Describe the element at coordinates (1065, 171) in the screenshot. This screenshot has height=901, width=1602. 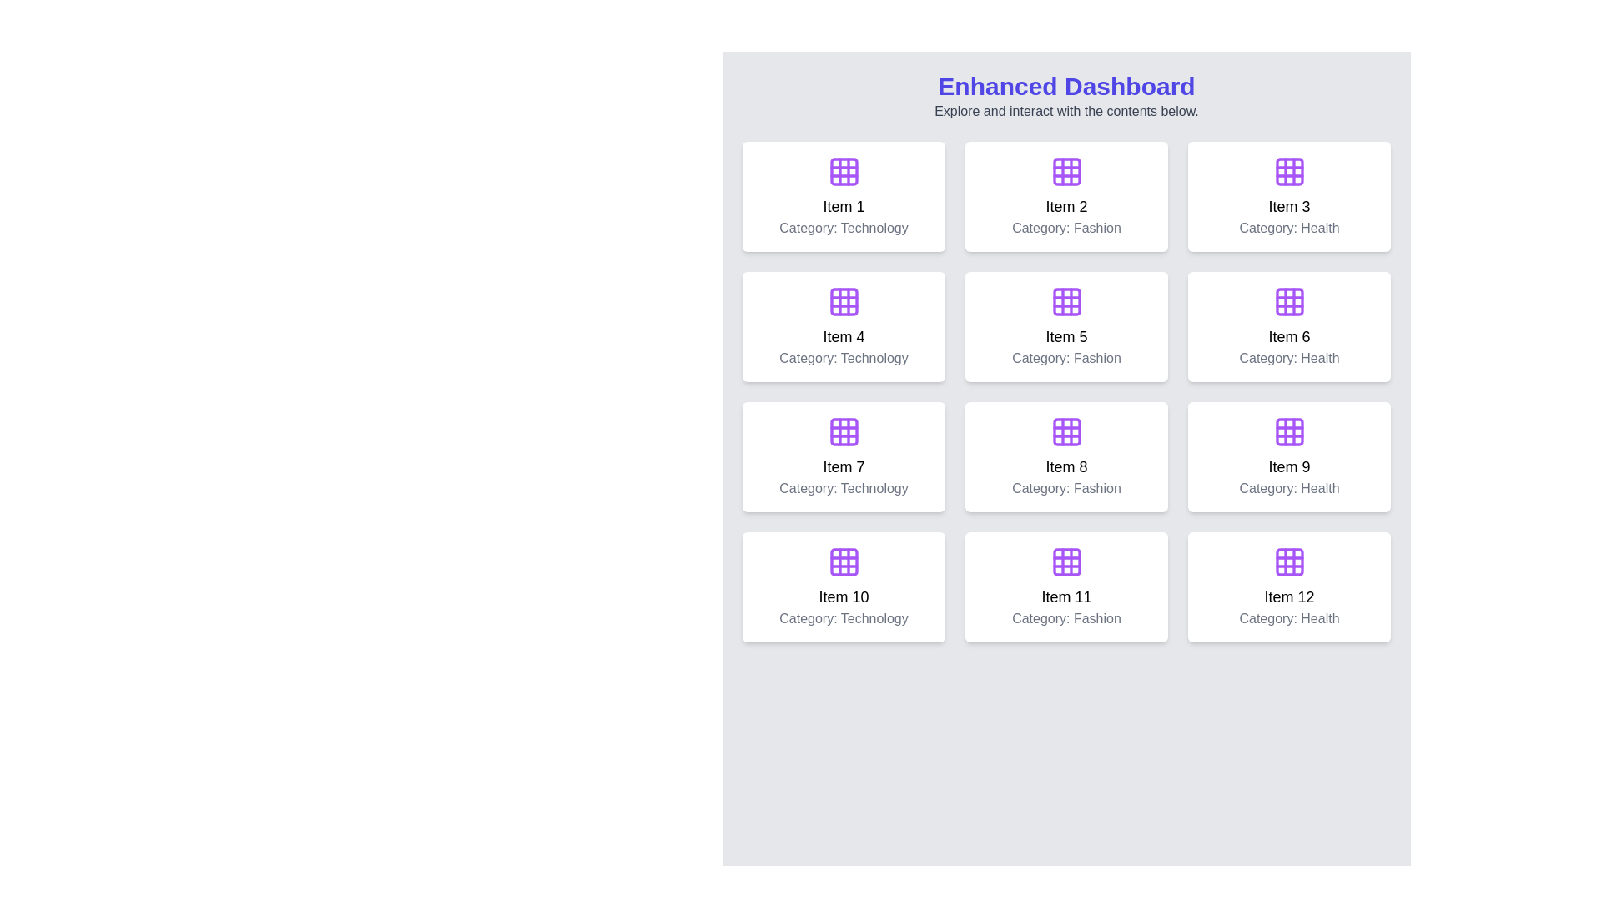
I see `the icon located at the top center of the card labeled 'Item 2' in the first row of the dashboard interface` at that location.